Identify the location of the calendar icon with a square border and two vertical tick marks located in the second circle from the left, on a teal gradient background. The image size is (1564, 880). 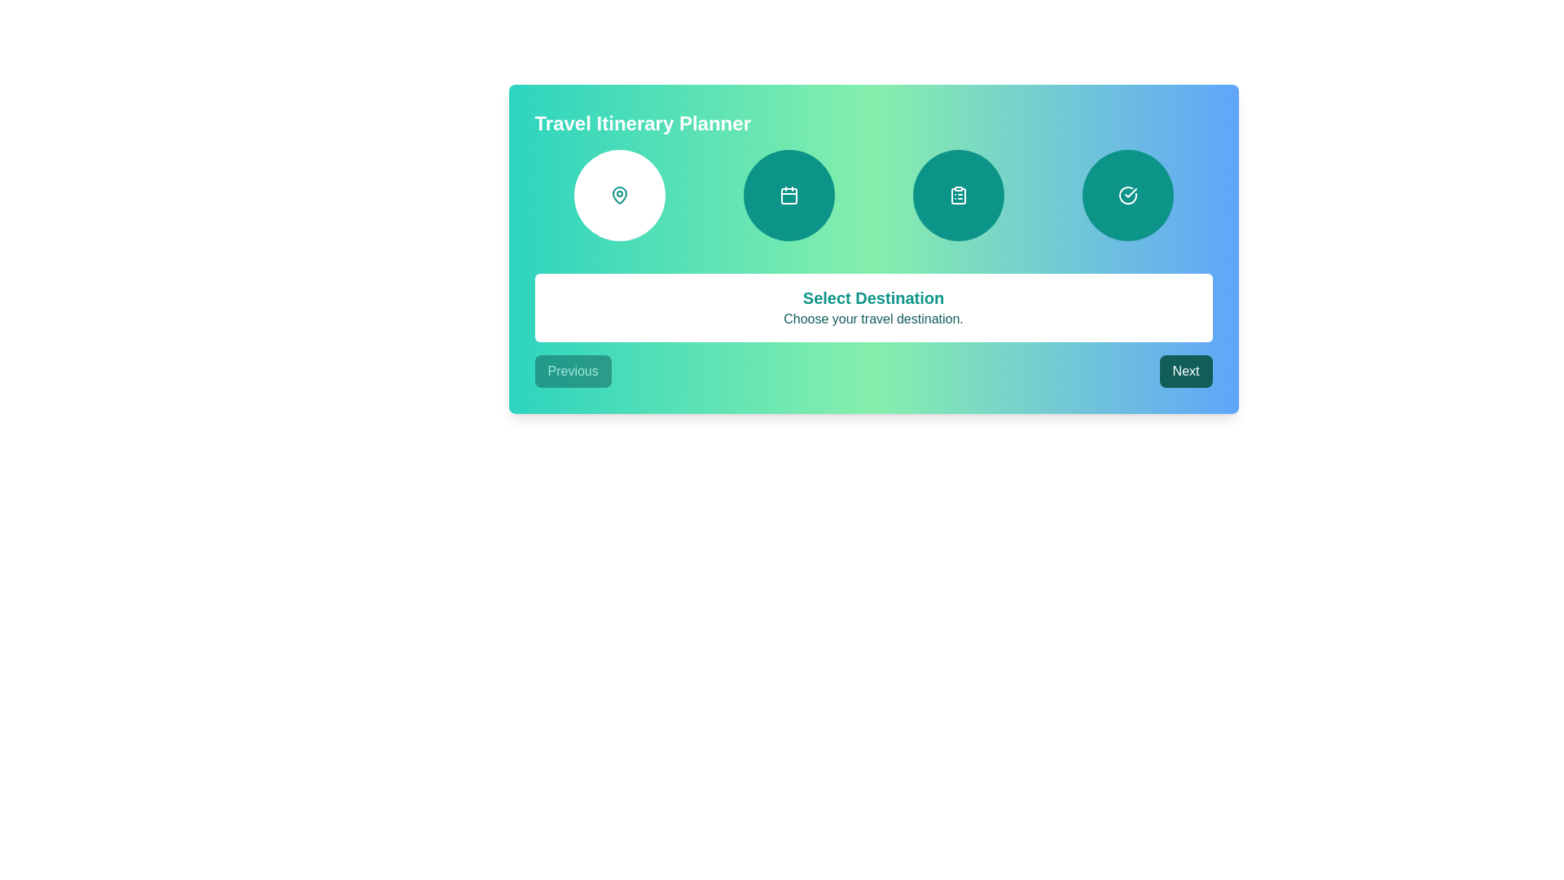
(789, 194).